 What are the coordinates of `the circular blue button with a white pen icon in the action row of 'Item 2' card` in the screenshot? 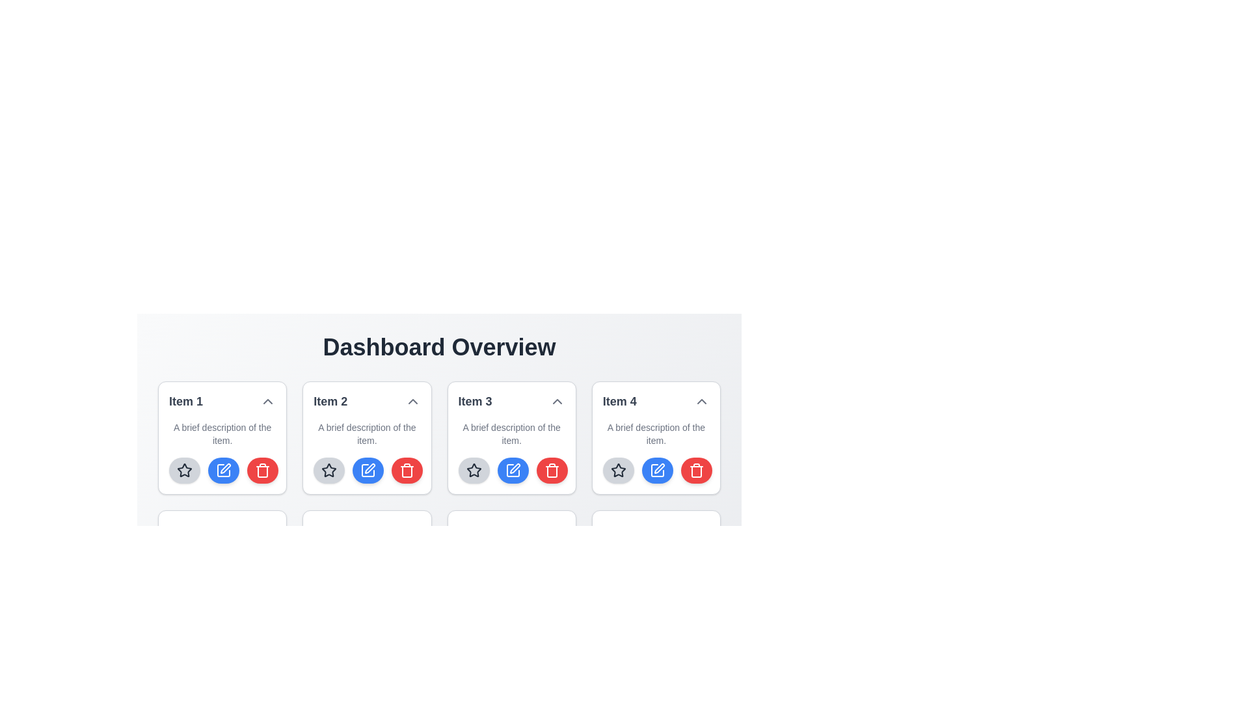 It's located at (368, 470).